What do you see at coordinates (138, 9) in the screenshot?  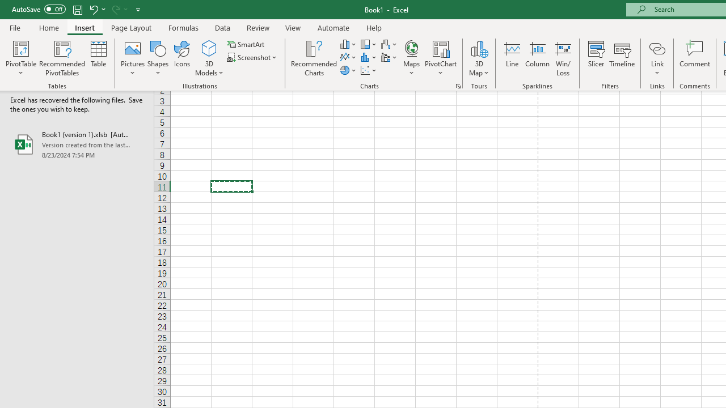 I see `'Customize Quick Access Toolbar'` at bounding box center [138, 9].